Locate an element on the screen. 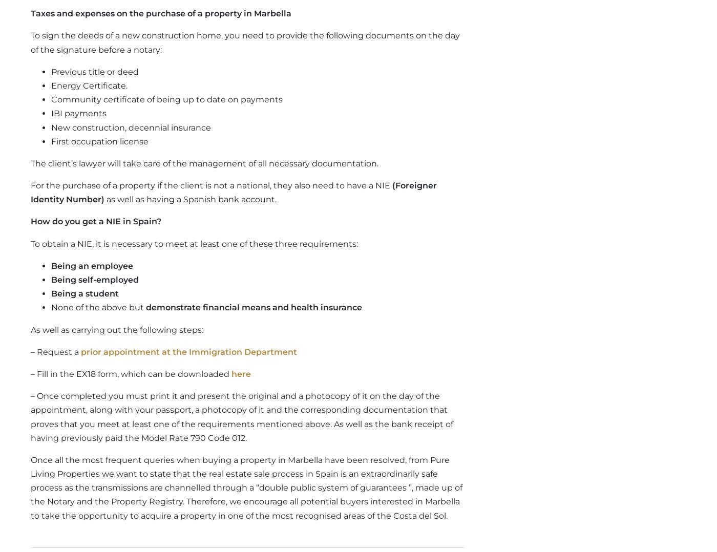 This screenshot has height=552, width=717. '– Once completed you must print it and present the original and a photocopy of it on the day of the appointment, along with your passport, a photocopy of it and the corresponding documentation that proves that you meet at least one of the requirements mentioned above. As well as the bank receipt of having previously paid the Model Rate 790 Code 012.' is located at coordinates (242, 416).